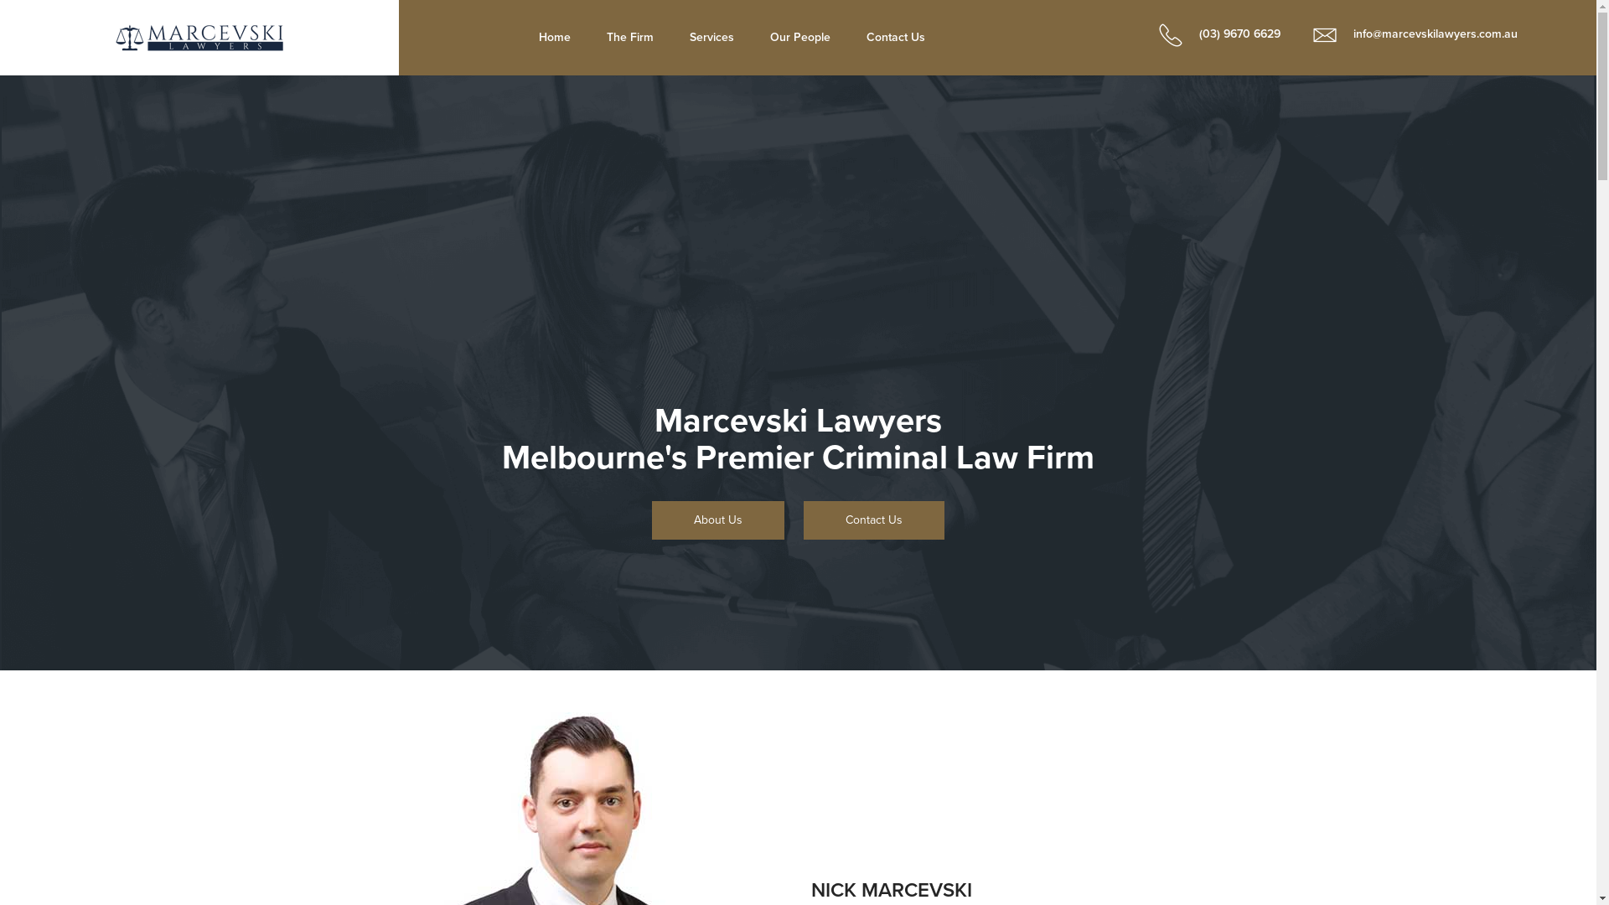 Image resolution: width=1609 pixels, height=905 pixels. Describe the element at coordinates (590, 38) in the screenshot. I see `'The Firm'` at that location.